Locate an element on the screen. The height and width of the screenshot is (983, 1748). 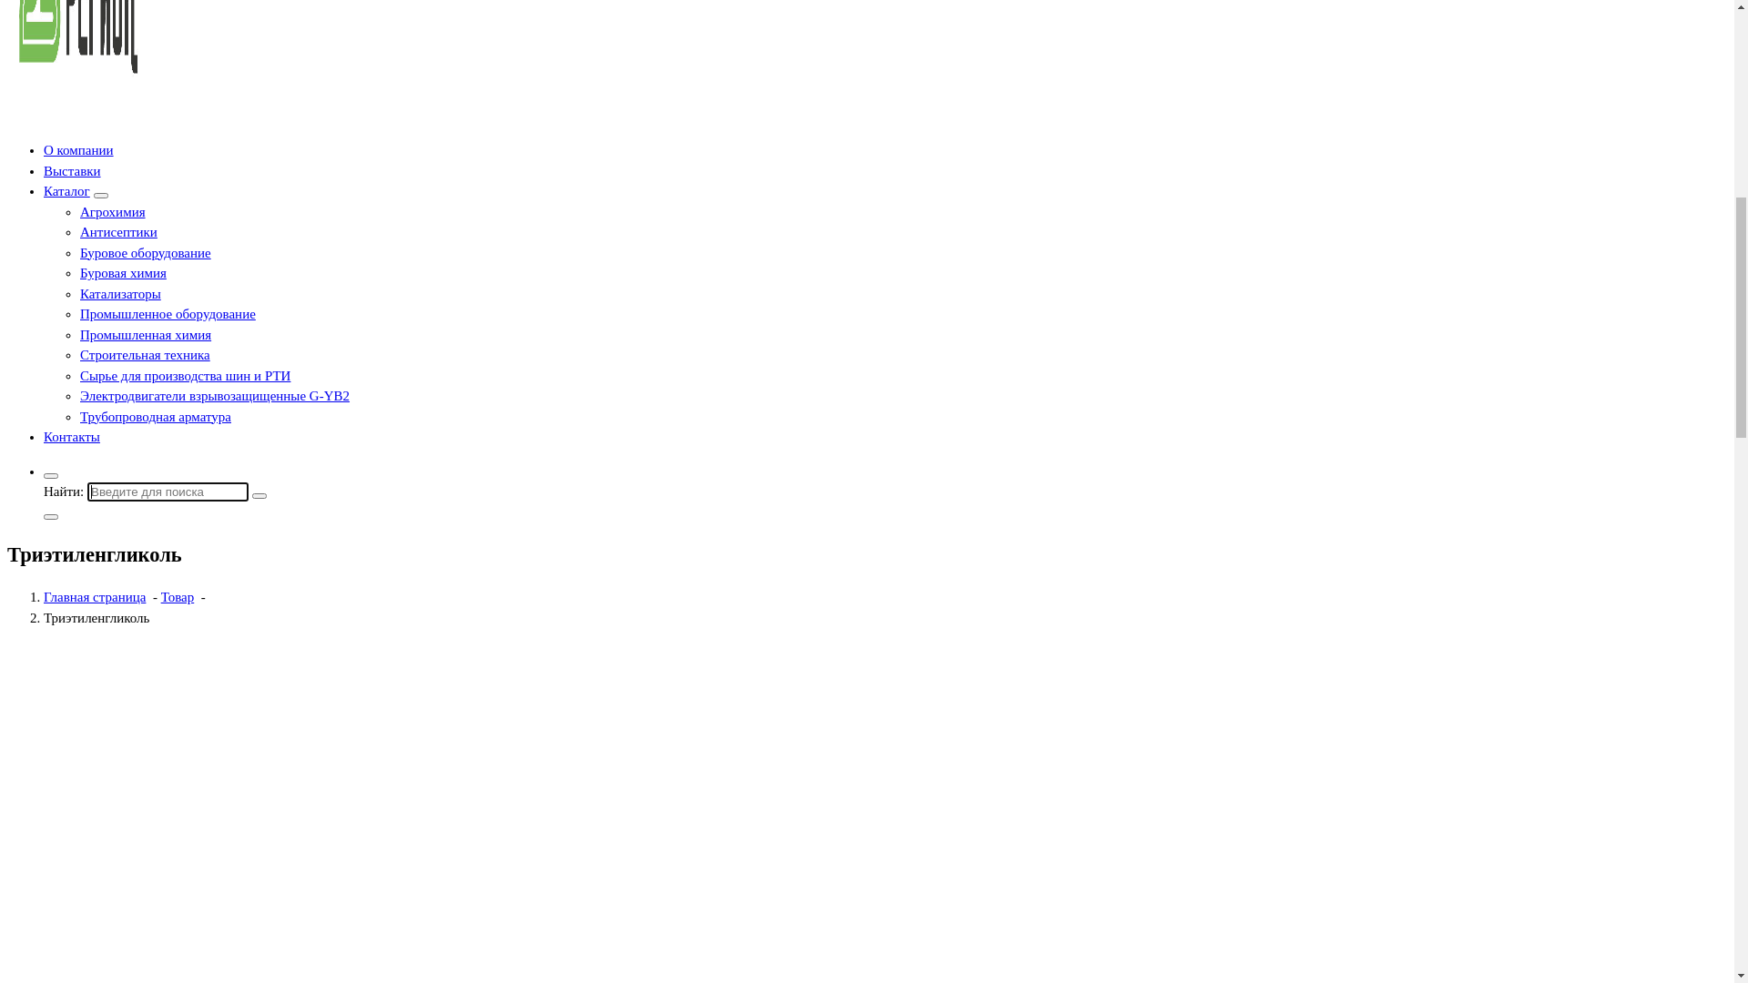
'info@25region.com' is located at coordinates (62, 38).